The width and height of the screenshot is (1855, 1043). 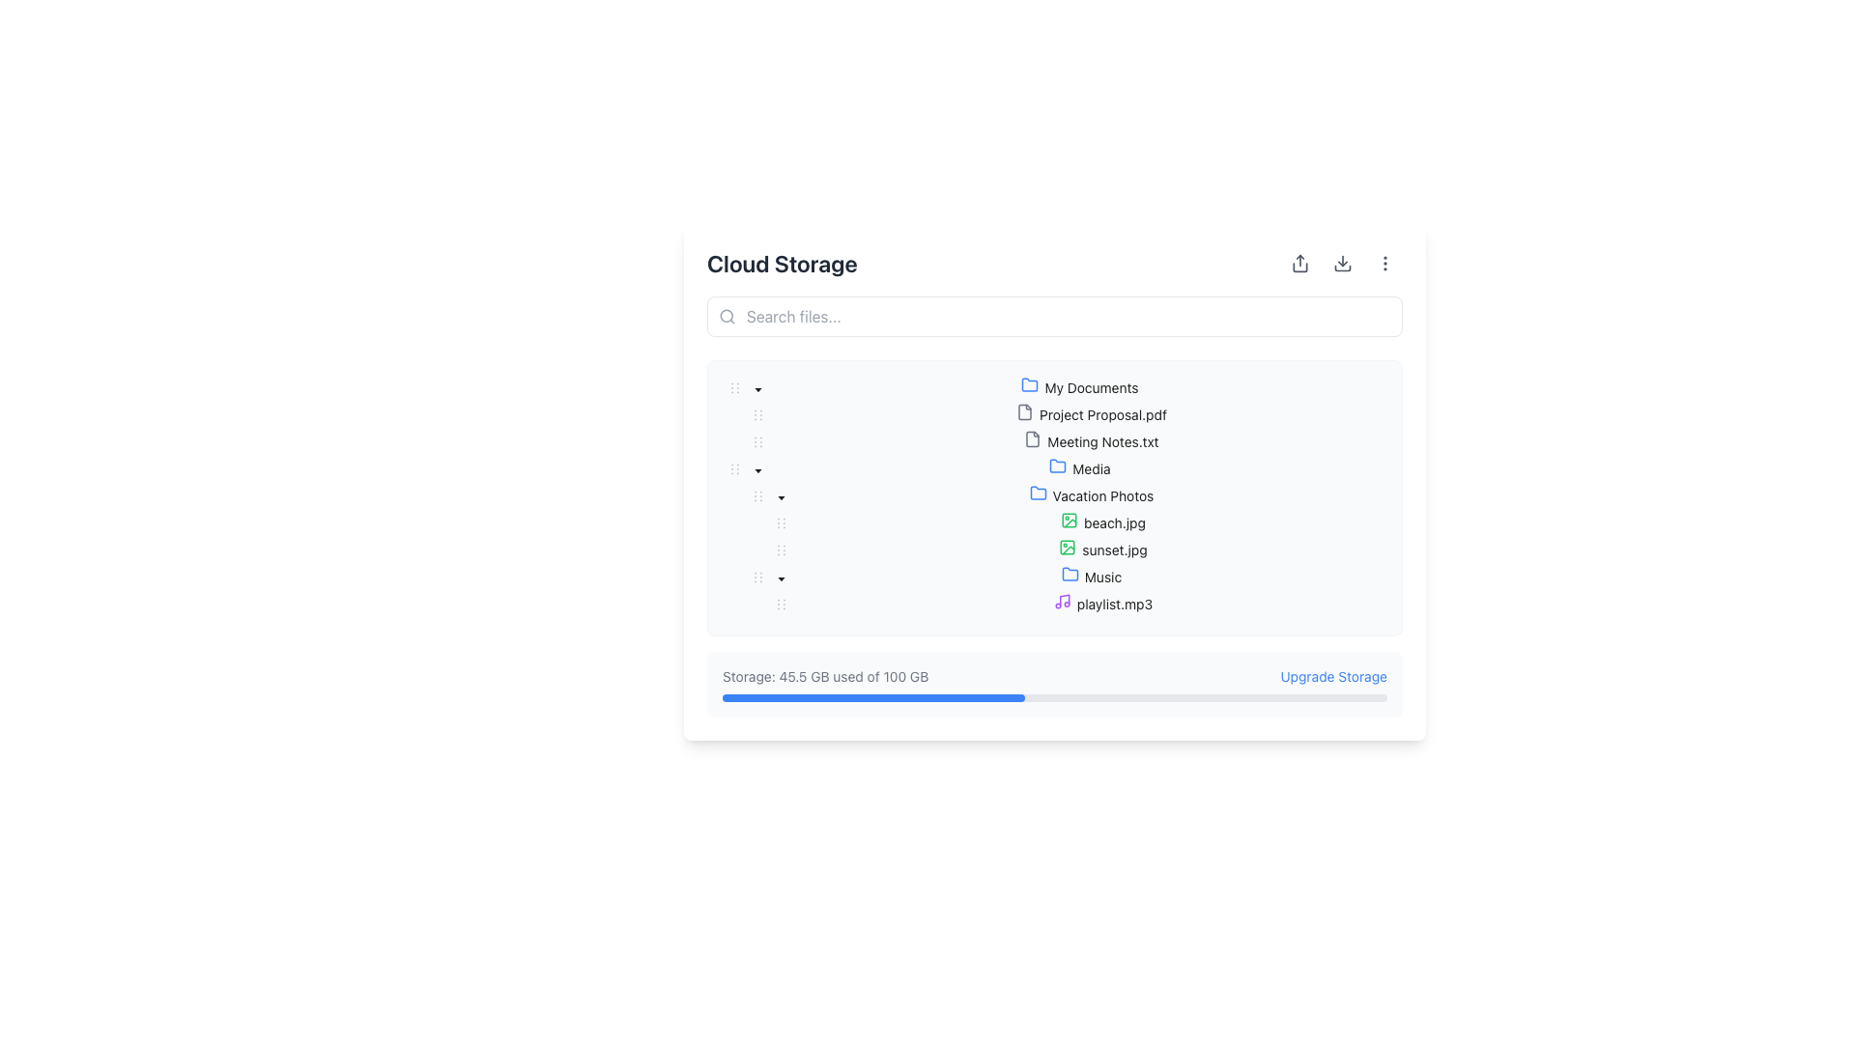 What do you see at coordinates (1053, 494) in the screenshot?
I see `the 'Vacation Photos' folder` at bounding box center [1053, 494].